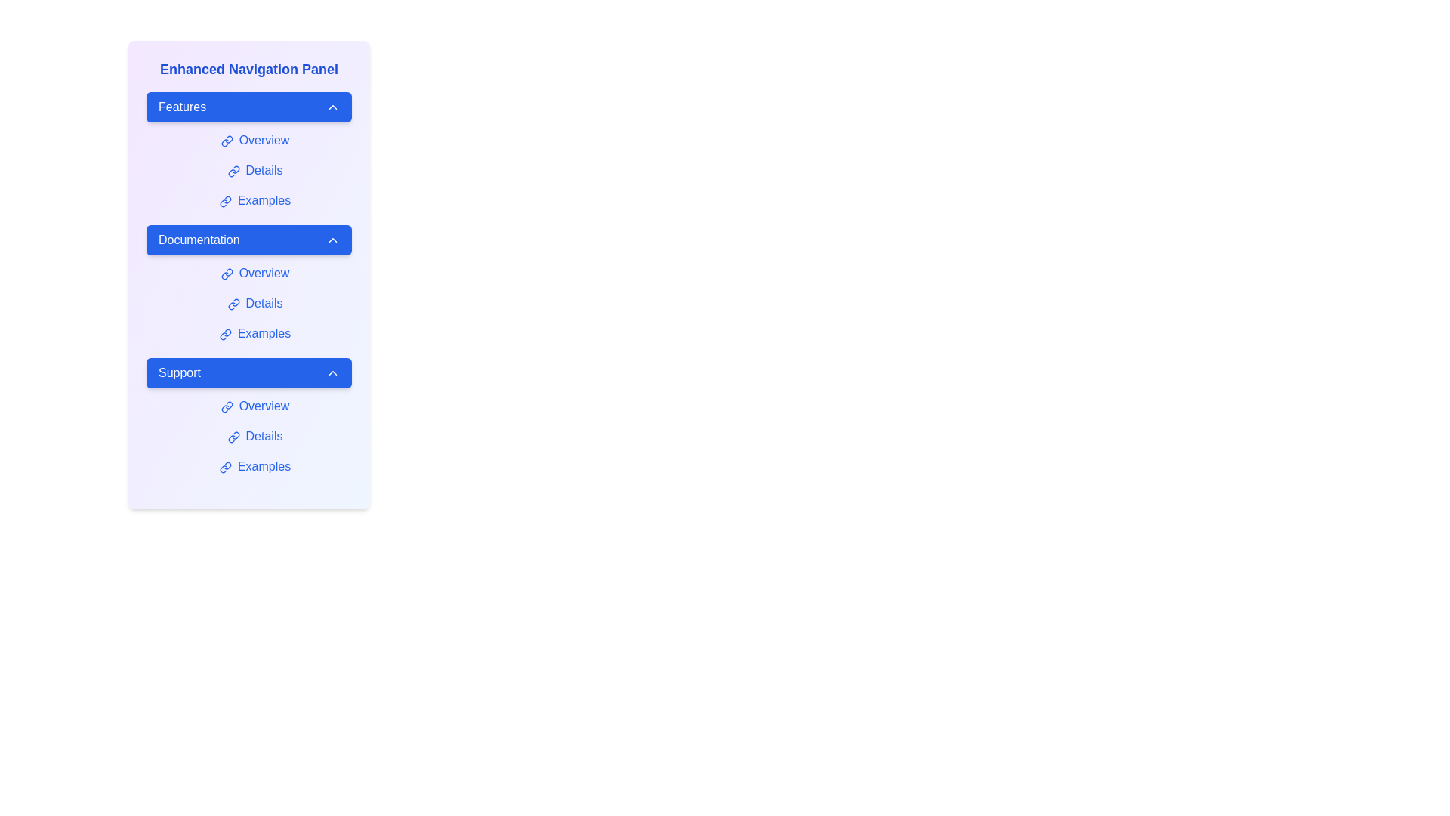 The image size is (1450, 816). I want to click on the small triangular upward arrow icon button, which is styled with a blue background and white stroke, located at the right edge of the 'Documentation' button, so click(332, 239).